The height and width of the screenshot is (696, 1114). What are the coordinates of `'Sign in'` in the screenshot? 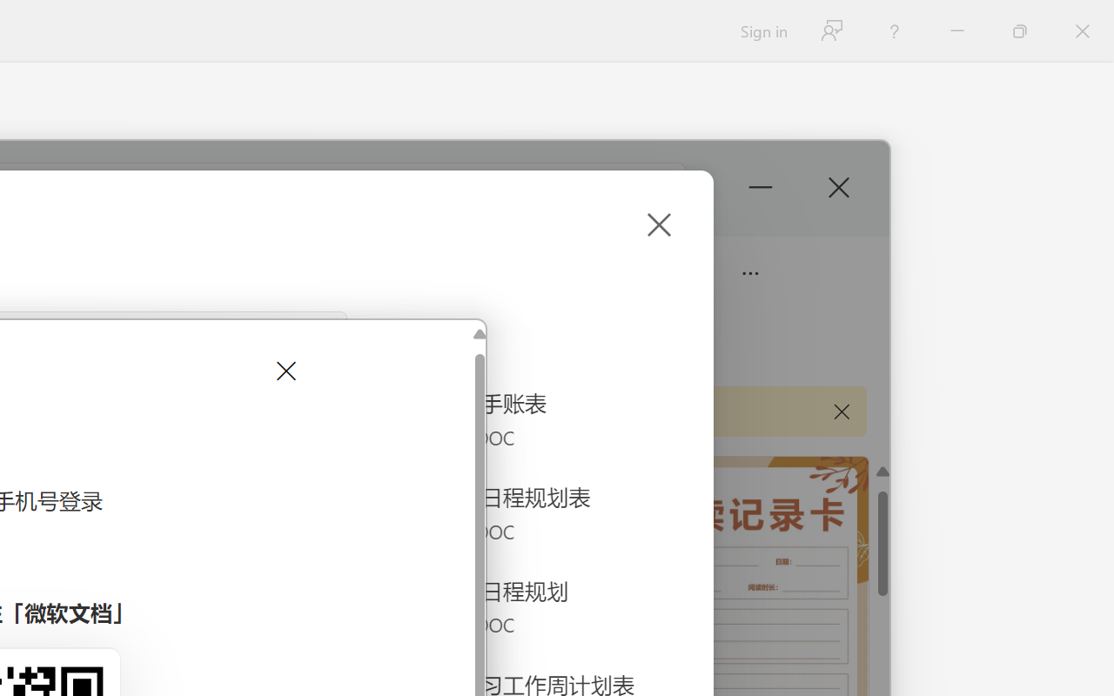 It's located at (762, 30).